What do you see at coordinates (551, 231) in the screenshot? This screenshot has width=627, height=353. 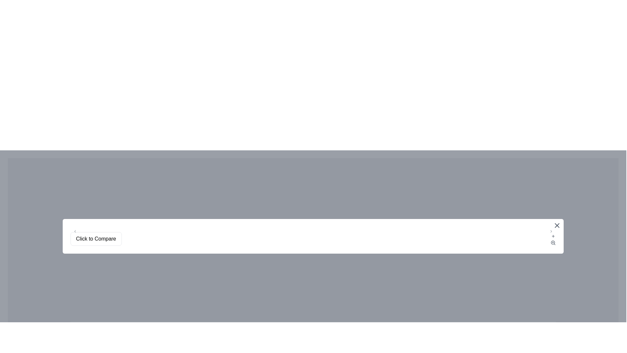 I see `the rightmost chevron navigation icon` at bounding box center [551, 231].